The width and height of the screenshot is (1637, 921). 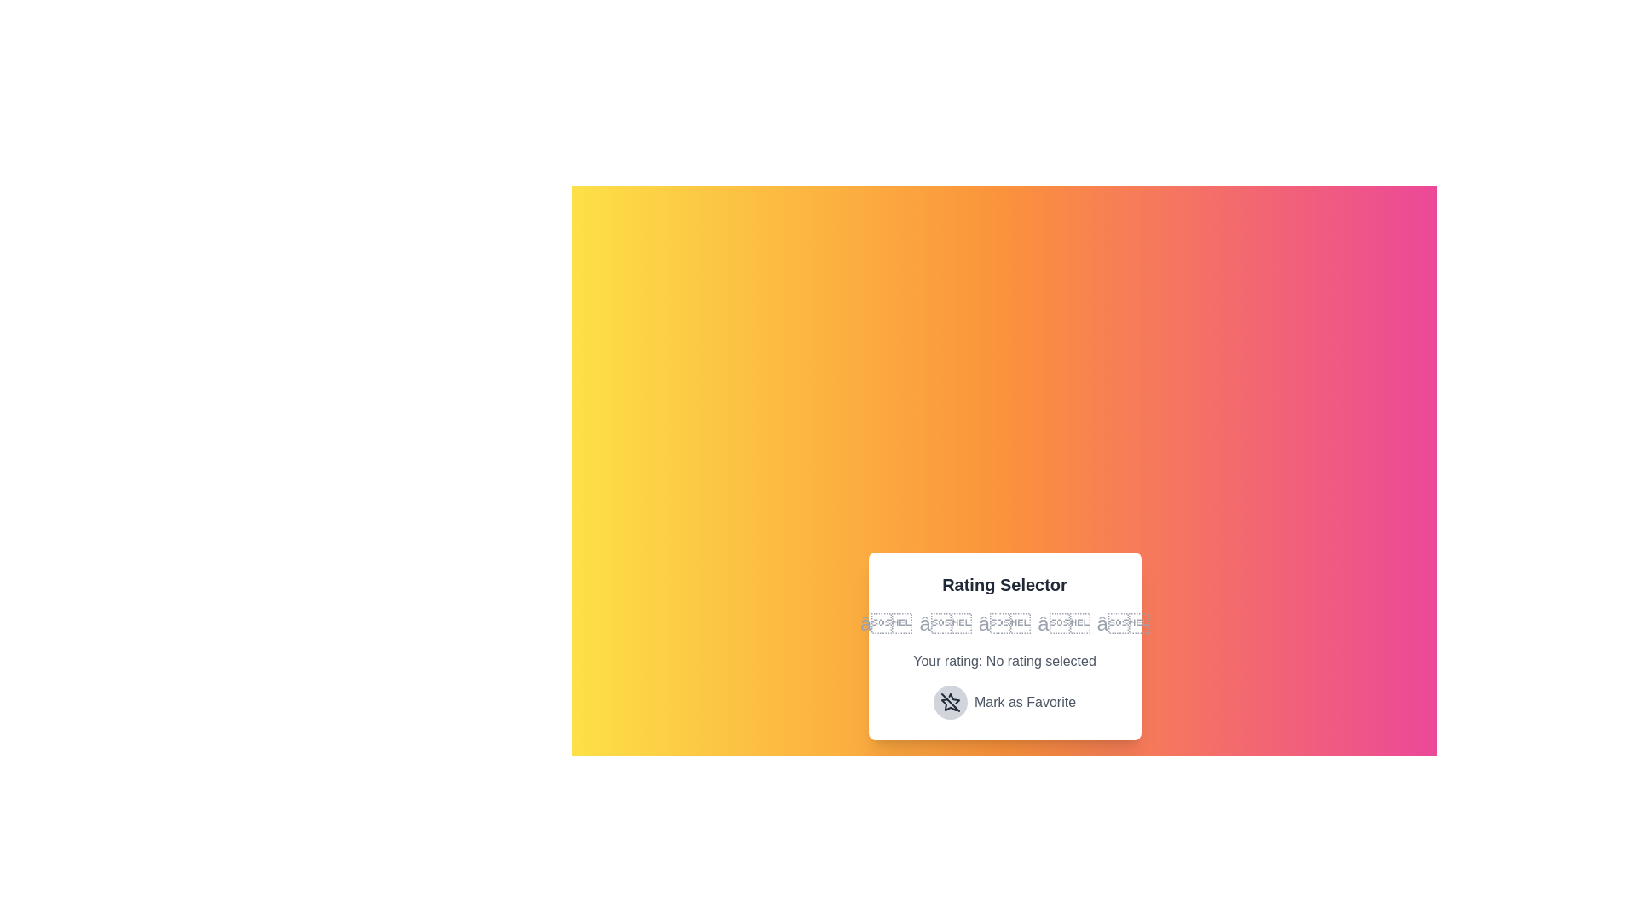 I want to click on the 'Mark as Favorite' button, which features a star icon with a slash and is styled in gray, located below 'Your rating: No rating selected', so click(x=1004, y=703).